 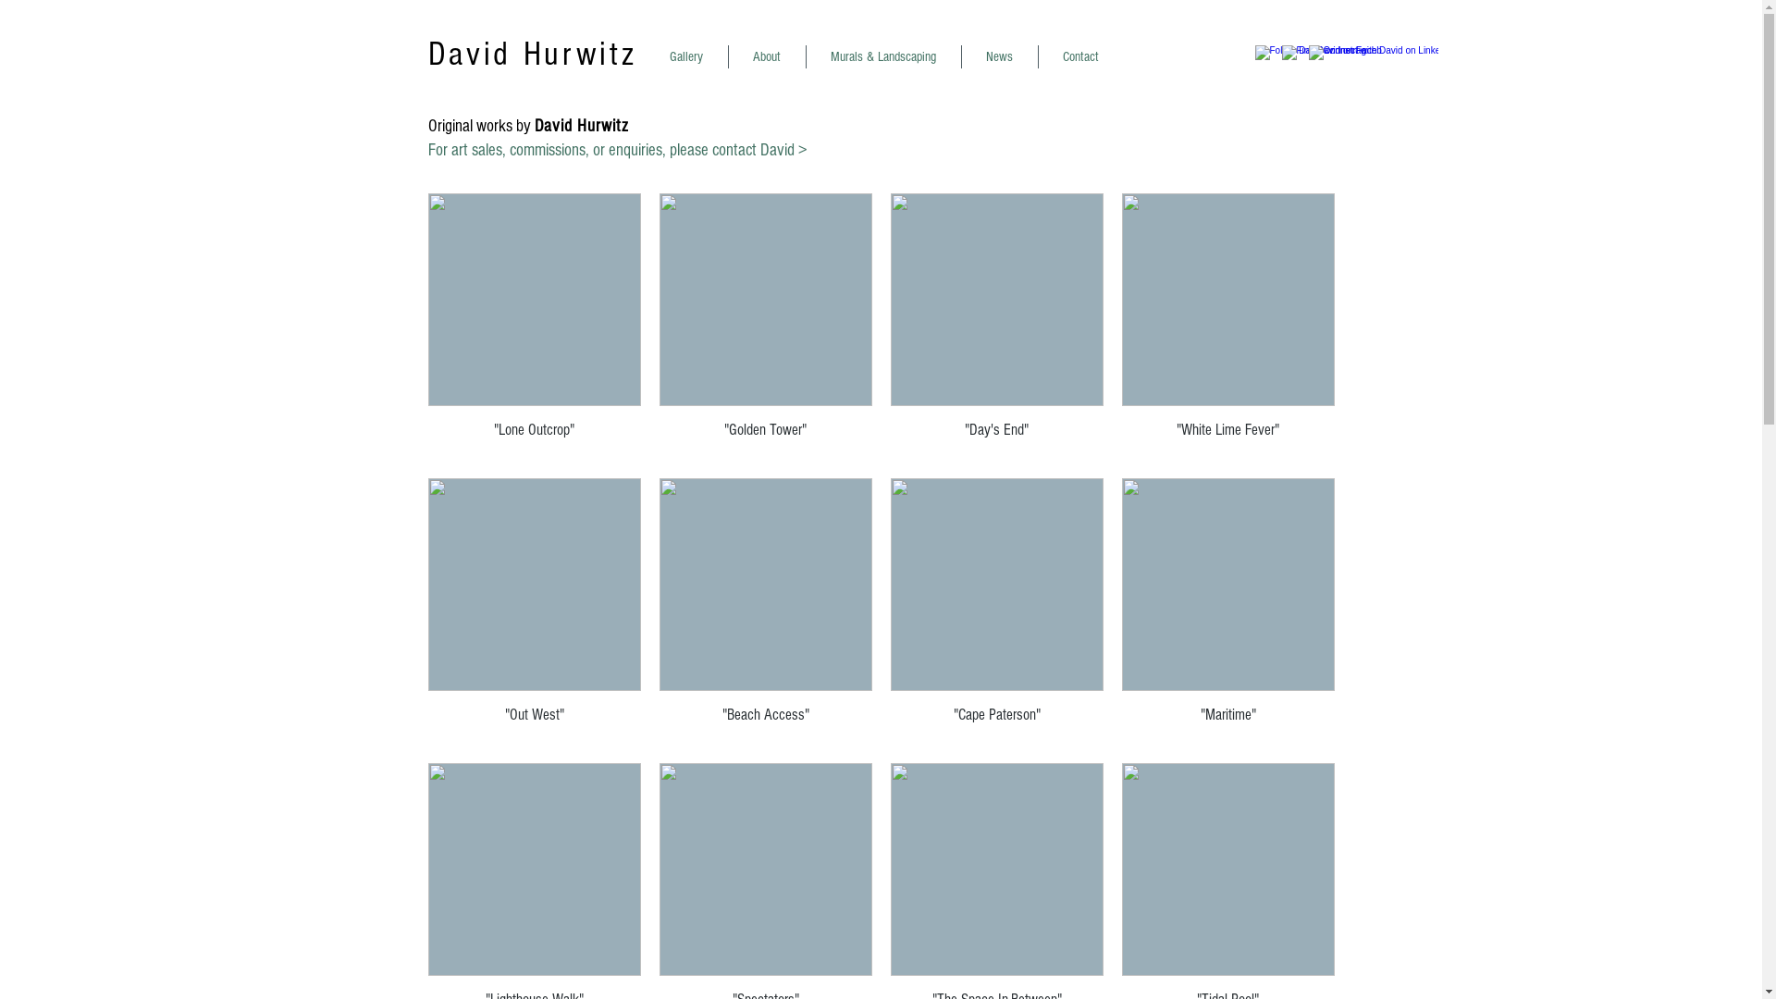 I want to click on 'Murals & Landscaping', so click(x=882, y=55).